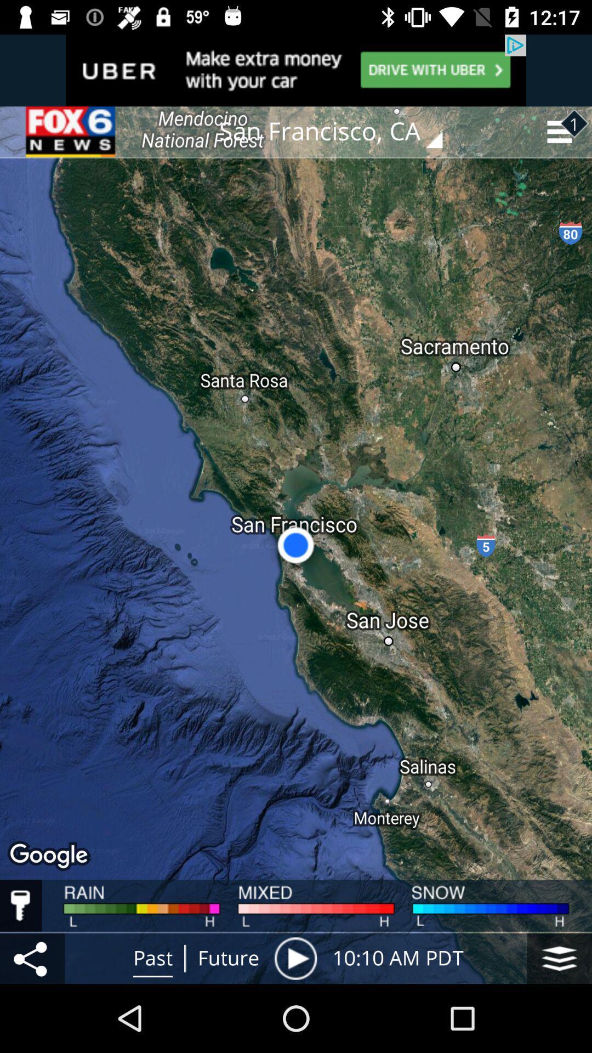  I want to click on the item next to san francisco, ca item, so click(72, 132).